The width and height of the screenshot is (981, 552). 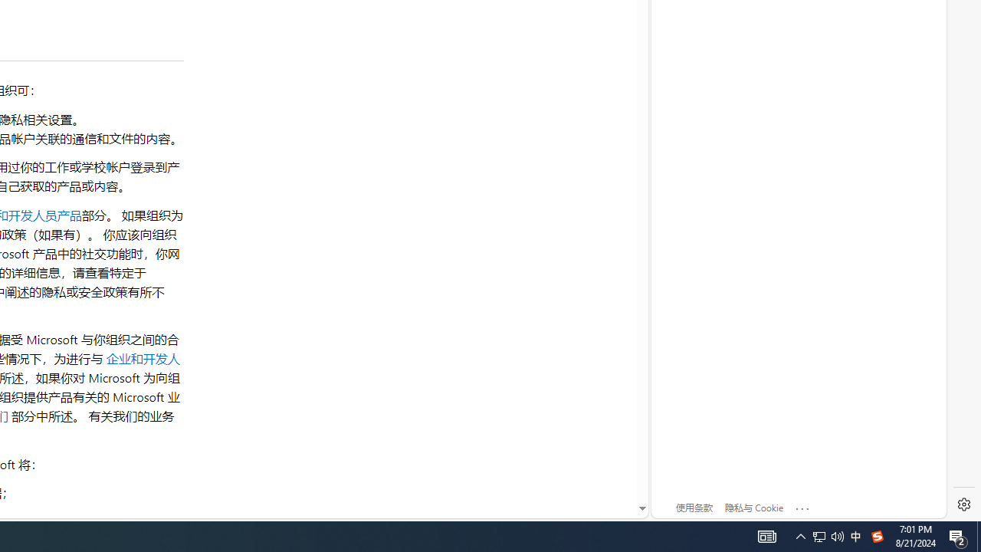 What do you see at coordinates (819, 535) in the screenshot?
I see `'User Promoted Notification Area'` at bounding box center [819, 535].